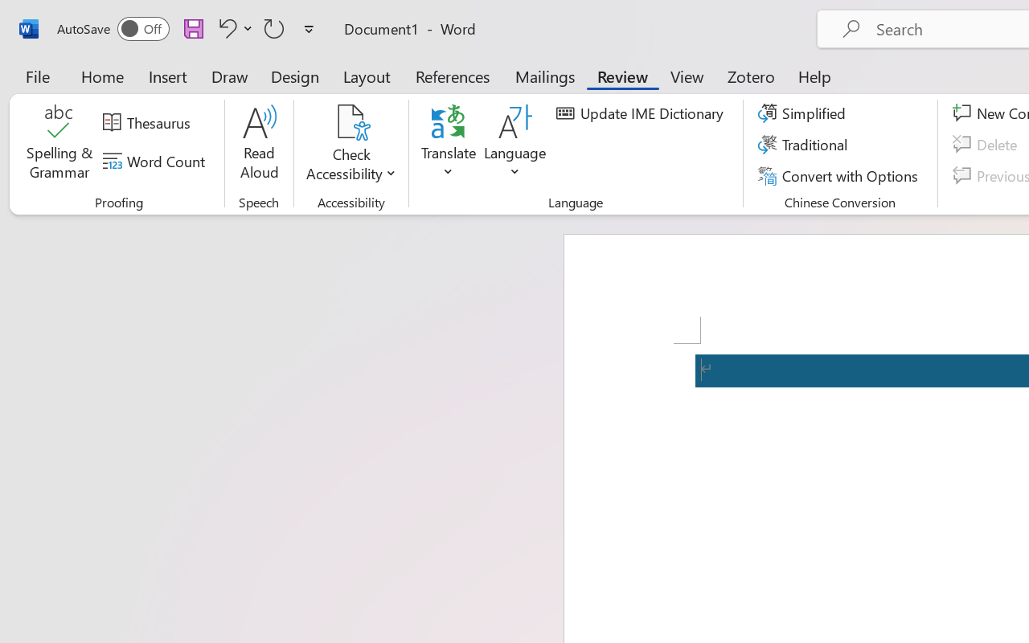 The width and height of the screenshot is (1029, 643). What do you see at coordinates (642, 113) in the screenshot?
I see `'Update IME Dictionary...'` at bounding box center [642, 113].